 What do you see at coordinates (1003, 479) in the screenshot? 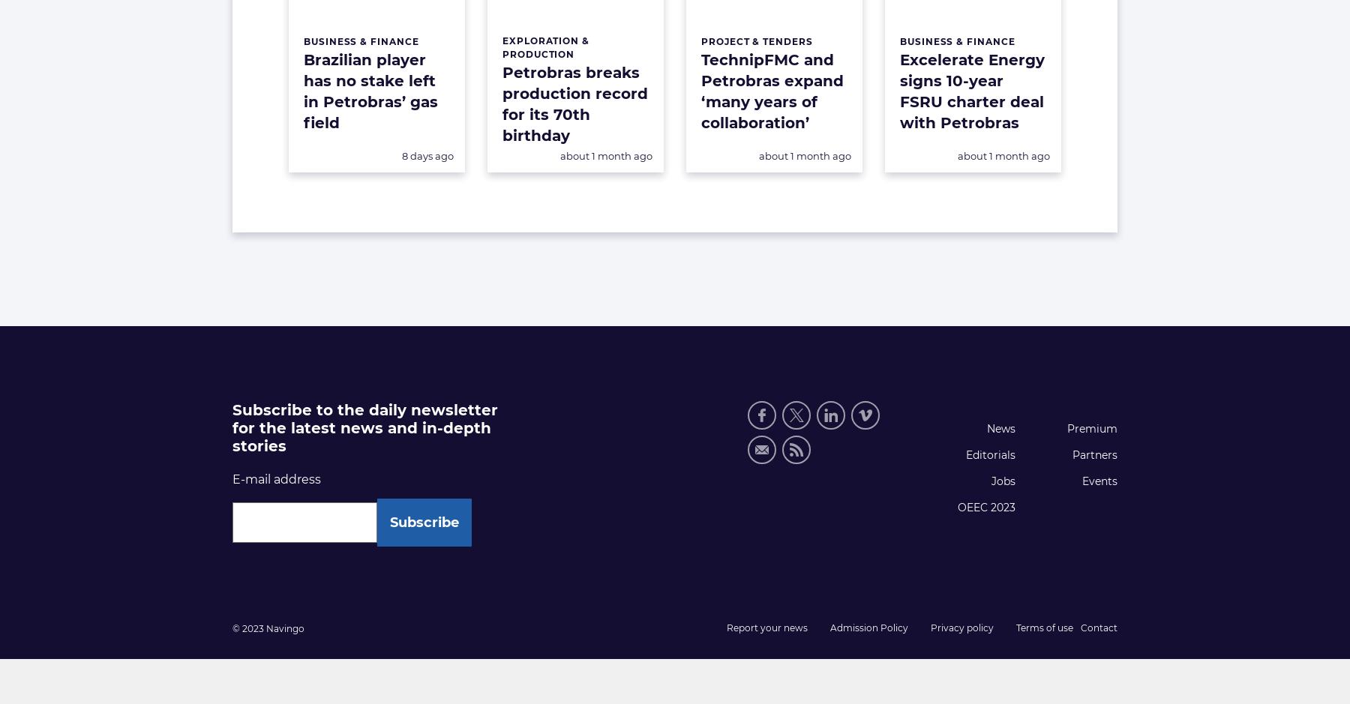
I see `'Jobs'` at bounding box center [1003, 479].